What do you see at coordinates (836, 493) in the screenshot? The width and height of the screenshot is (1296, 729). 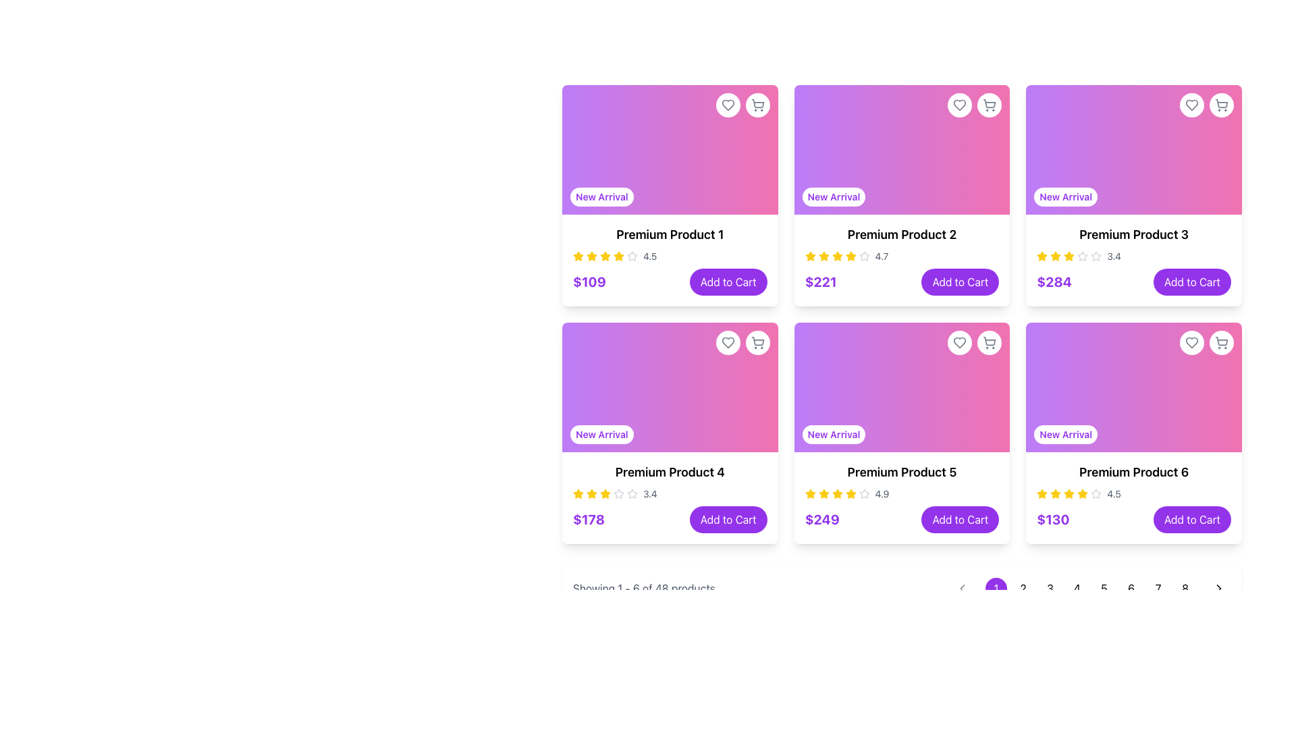 I see `the fifth yellow star-shaped rating icon located in the Premium Product 5 card, positioned below the product title and near the numerical rating value (4.9)` at bounding box center [836, 493].